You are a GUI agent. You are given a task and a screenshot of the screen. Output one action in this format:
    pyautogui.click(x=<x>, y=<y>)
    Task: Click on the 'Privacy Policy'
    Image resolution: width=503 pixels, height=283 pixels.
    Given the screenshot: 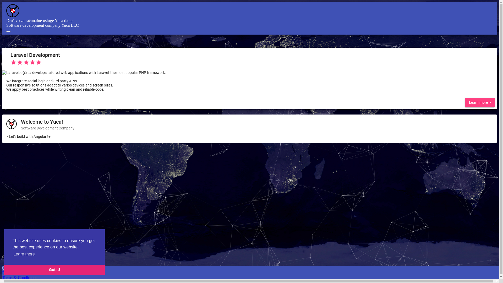 What is the action you would take?
    pyautogui.click(x=14, y=273)
    